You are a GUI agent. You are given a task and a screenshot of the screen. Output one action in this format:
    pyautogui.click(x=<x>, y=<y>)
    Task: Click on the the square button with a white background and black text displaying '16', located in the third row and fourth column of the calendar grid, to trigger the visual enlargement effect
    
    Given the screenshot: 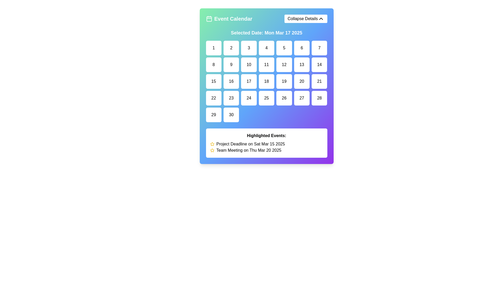 What is the action you would take?
    pyautogui.click(x=231, y=81)
    